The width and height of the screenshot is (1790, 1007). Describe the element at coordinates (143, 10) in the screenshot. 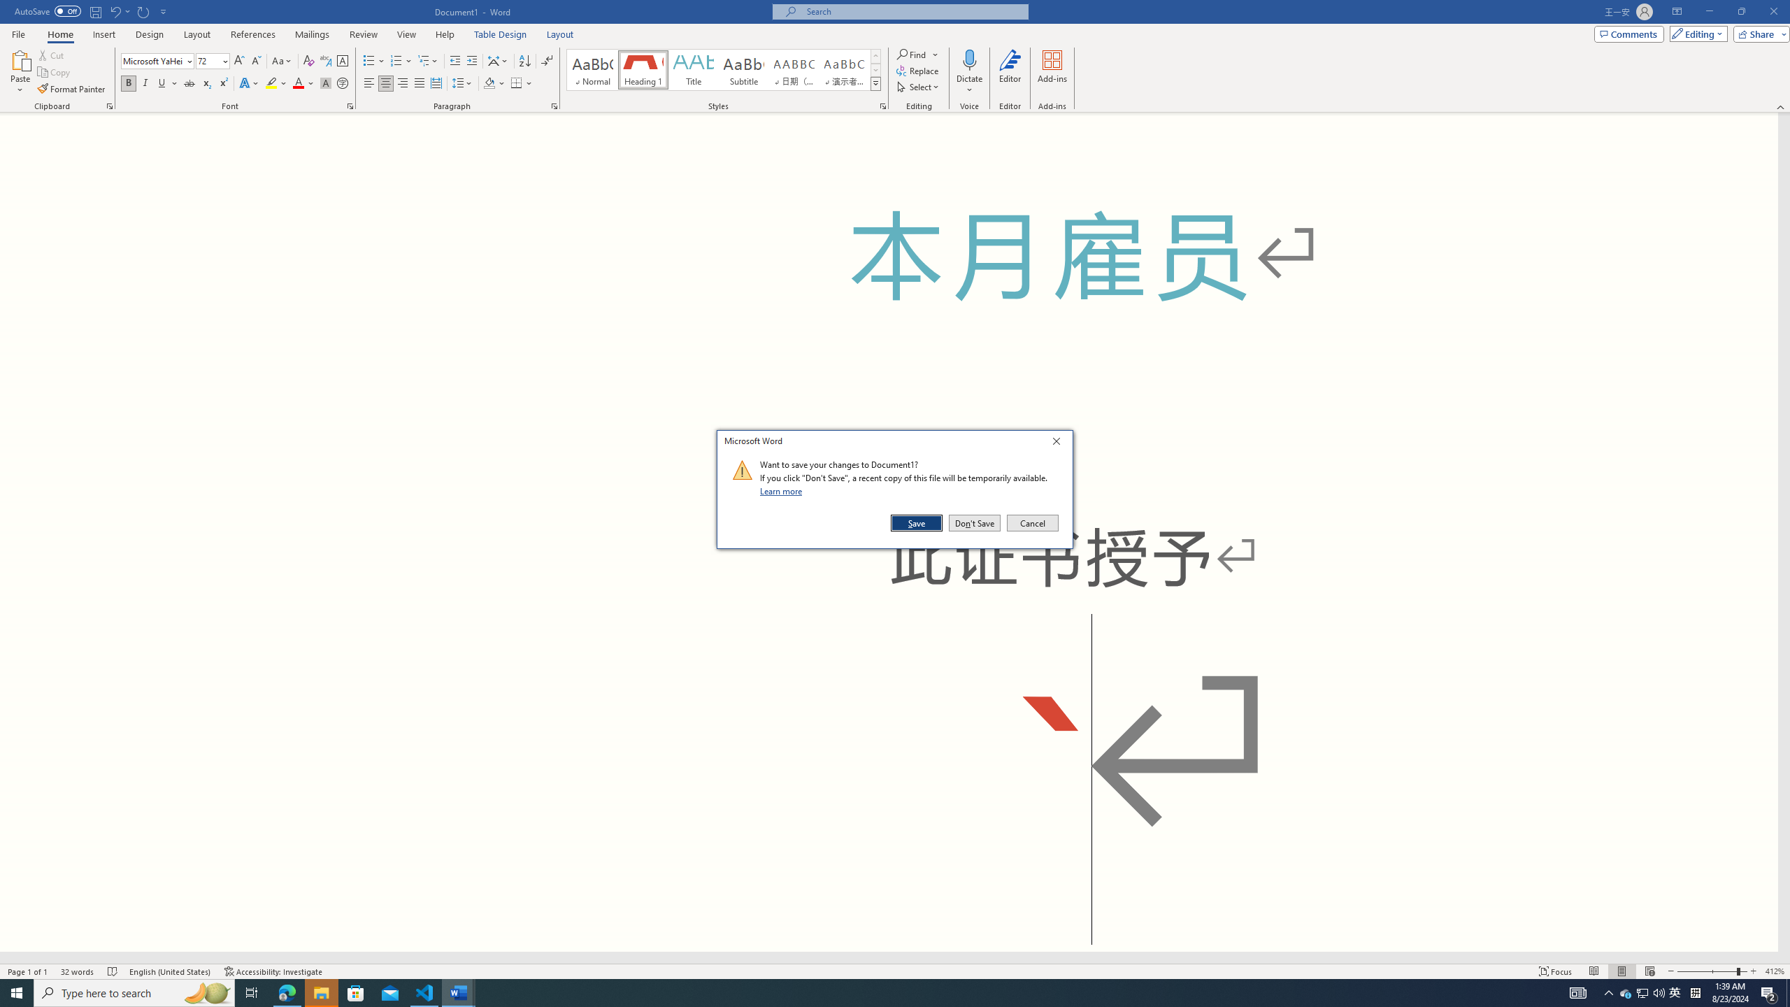

I see `'Repeat Doc Close'` at that location.